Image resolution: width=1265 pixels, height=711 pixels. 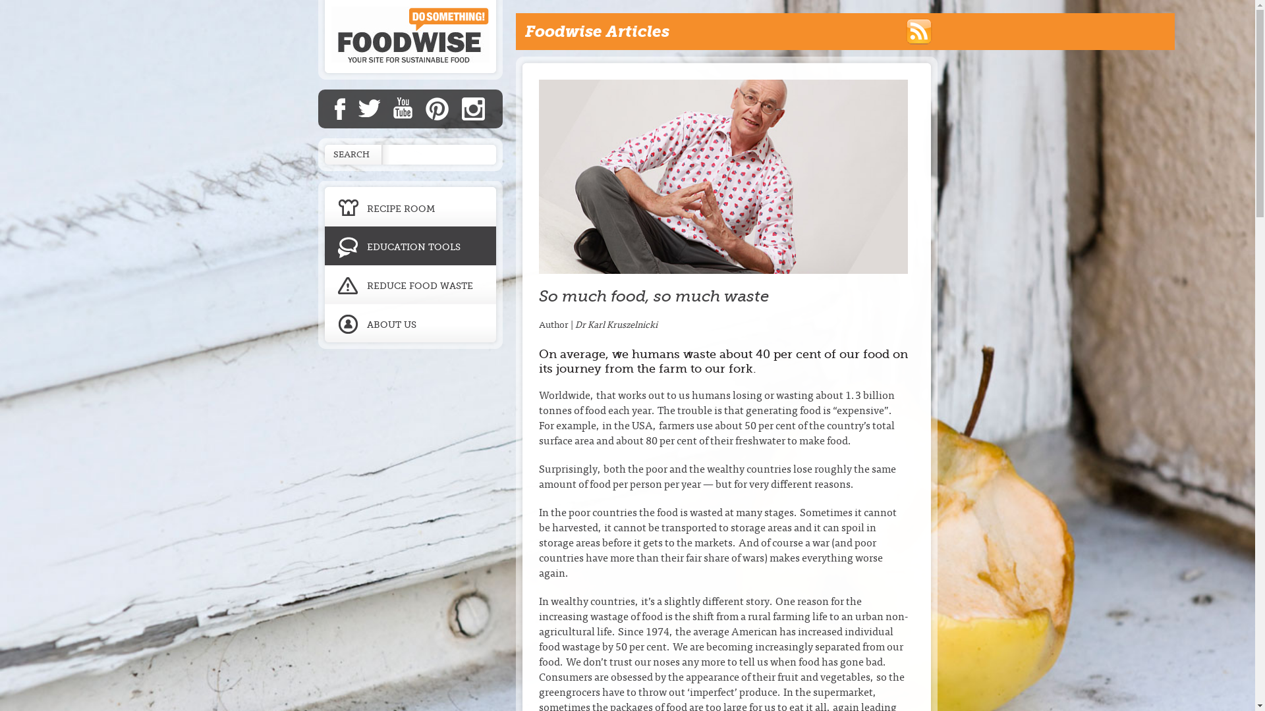 I want to click on 'YouTube', so click(x=401, y=107).